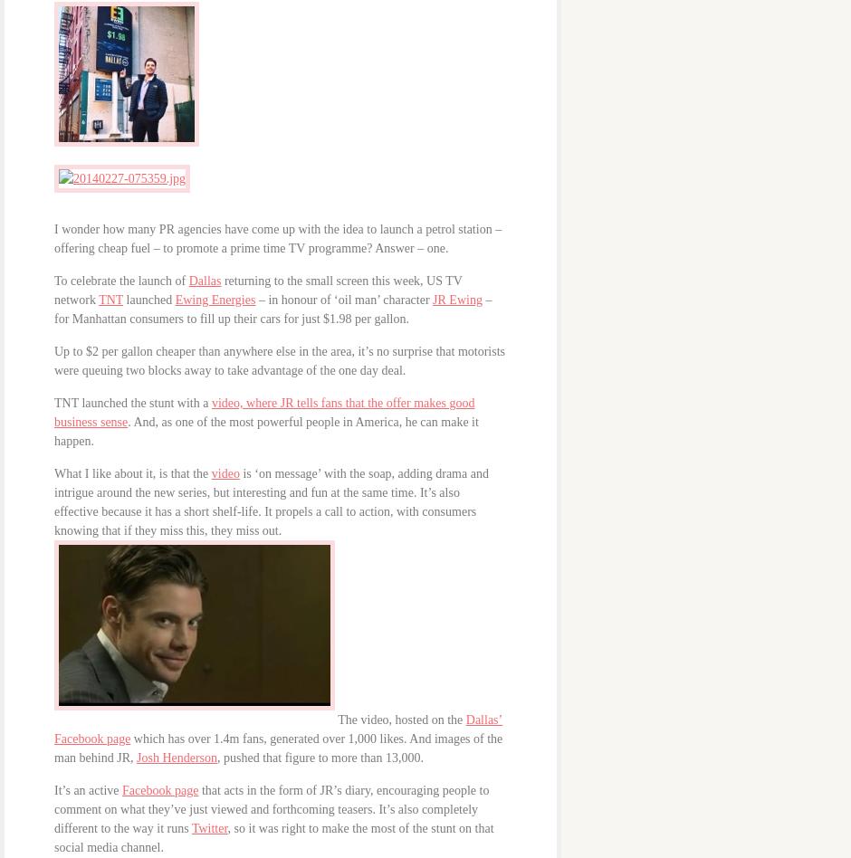  I want to click on '– in honour of ‘oil man’ character', so click(343, 300).